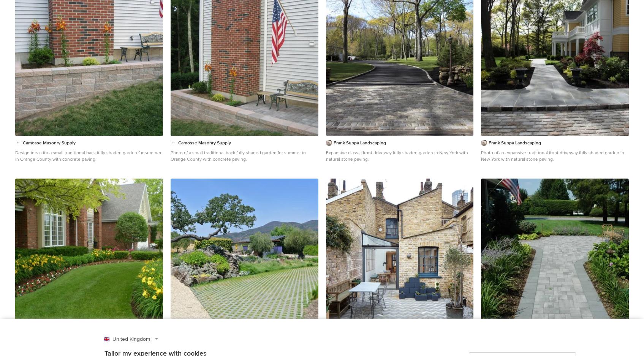 Image resolution: width=644 pixels, height=356 pixels. What do you see at coordinates (202, 187) in the screenshot?
I see `'Modern Landscape'` at bounding box center [202, 187].